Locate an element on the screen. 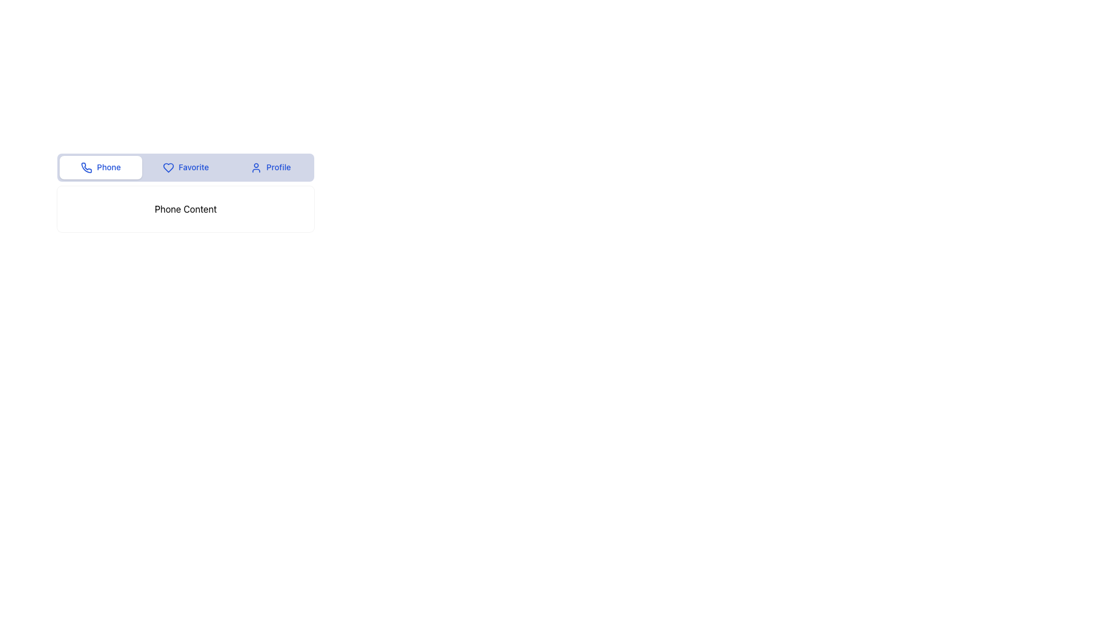 The image size is (1101, 619). the 'Profile' tab is located at coordinates (276, 166).